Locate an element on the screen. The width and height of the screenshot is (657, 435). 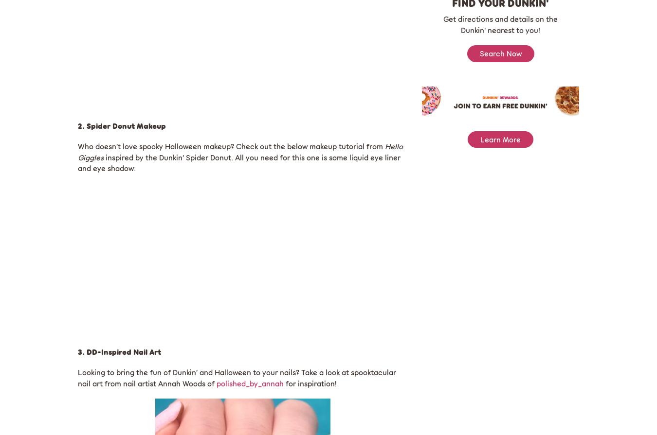
'inspired by the Dunkin’ Spider Donut. All you need for this one is some liquid eye liner and eye shadow:' is located at coordinates (77, 162).